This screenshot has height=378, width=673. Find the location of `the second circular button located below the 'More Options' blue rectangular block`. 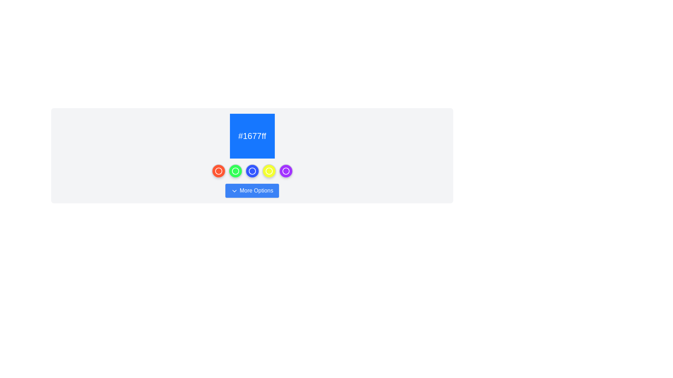

the second circular button located below the 'More Options' blue rectangular block is located at coordinates (235, 171).